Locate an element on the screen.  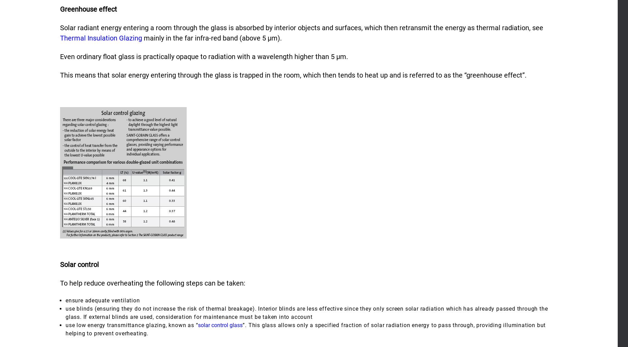
'Greenhouse effect' is located at coordinates (88, 8).